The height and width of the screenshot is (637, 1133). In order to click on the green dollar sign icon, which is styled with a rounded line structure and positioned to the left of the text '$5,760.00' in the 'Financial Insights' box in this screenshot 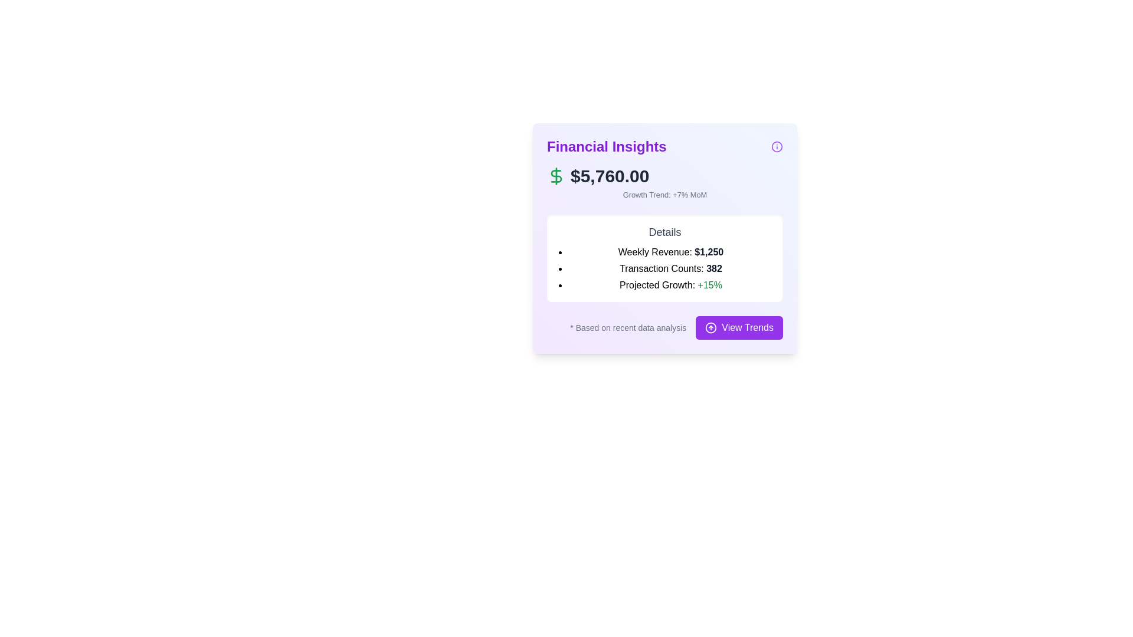, I will do `click(555, 176)`.